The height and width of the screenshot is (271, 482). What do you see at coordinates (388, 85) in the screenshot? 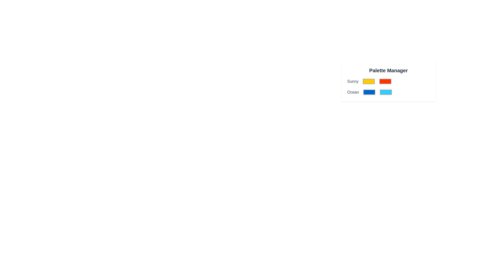
I see `the selectable red color box labeled 'Sunny', which is the second box from the left in the first row of the palette` at bounding box center [388, 85].